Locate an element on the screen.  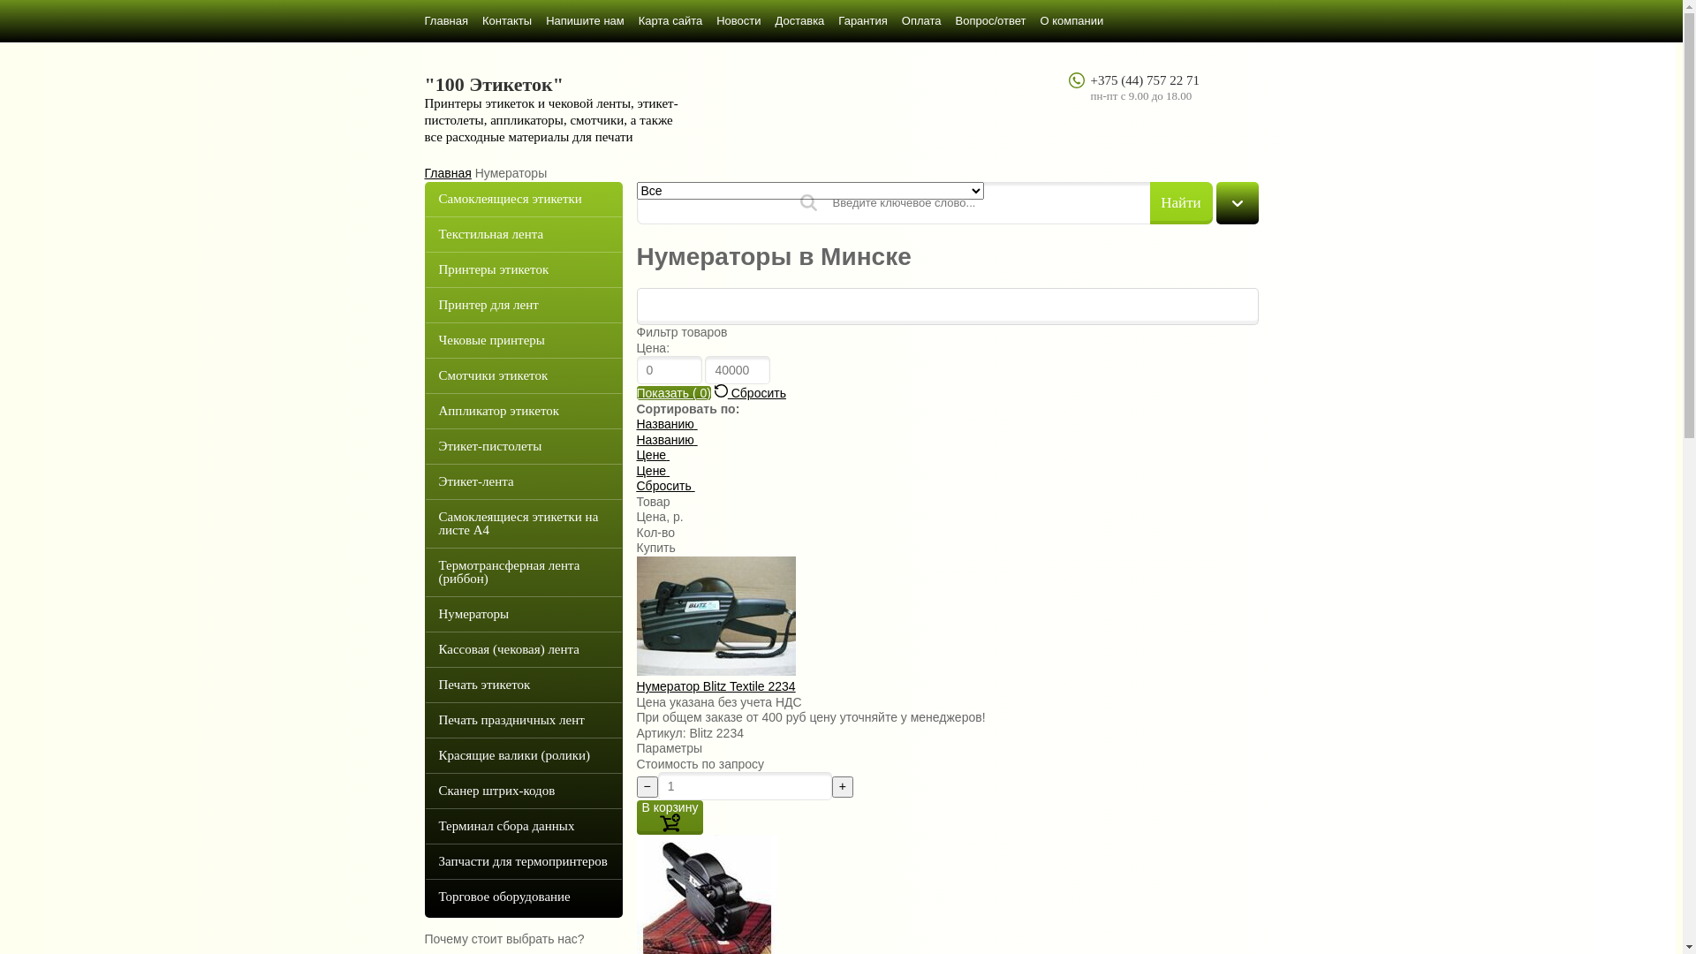
'+375 (44) 757 22 71' is located at coordinates (1144, 80).